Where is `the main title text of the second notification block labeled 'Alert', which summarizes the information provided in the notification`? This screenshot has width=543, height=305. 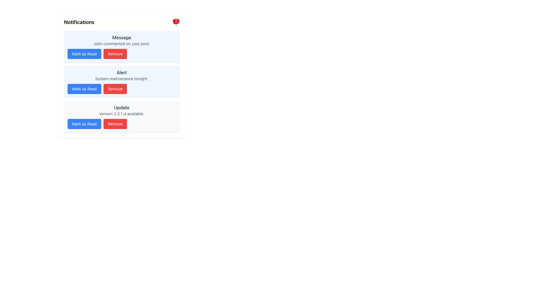 the main title text of the second notification block labeled 'Alert', which summarizes the information provided in the notification is located at coordinates (121, 72).